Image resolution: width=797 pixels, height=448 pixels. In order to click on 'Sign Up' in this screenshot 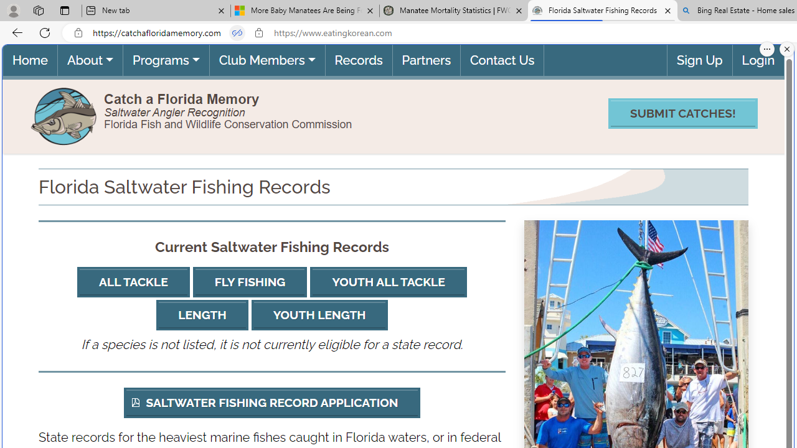, I will do `click(699, 60)`.